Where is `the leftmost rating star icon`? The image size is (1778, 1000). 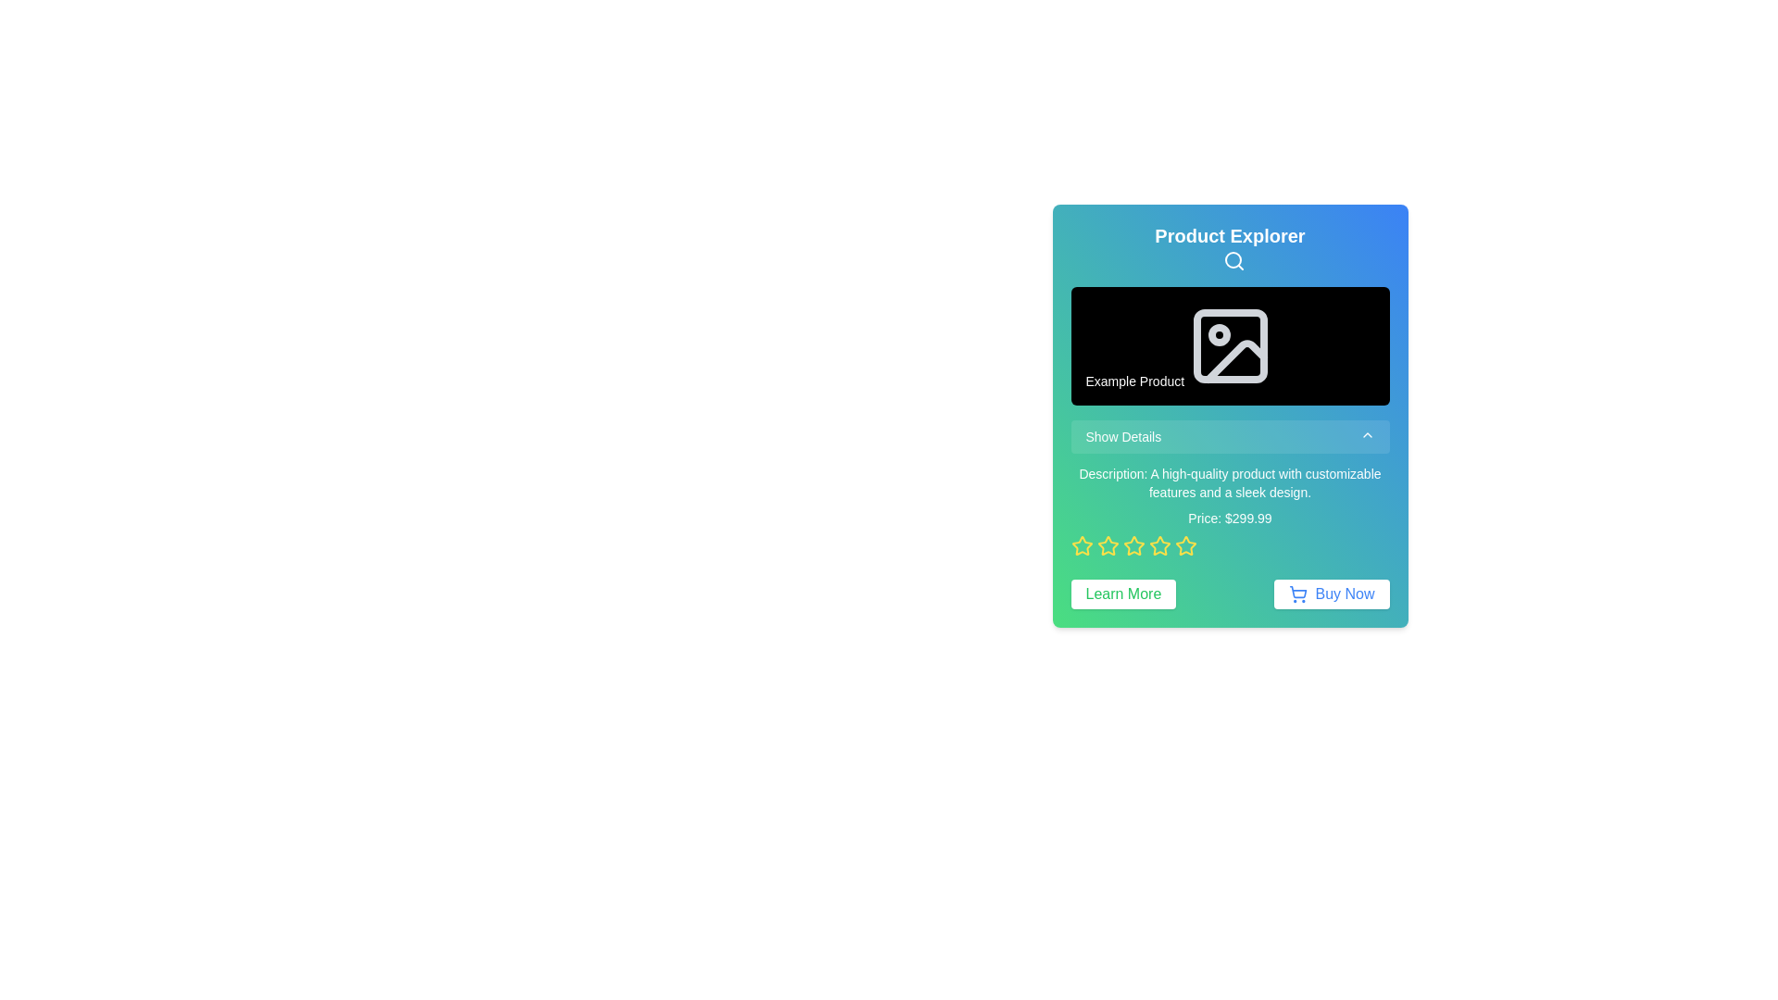
the leftmost rating star icon is located at coordinates (1082, 544).